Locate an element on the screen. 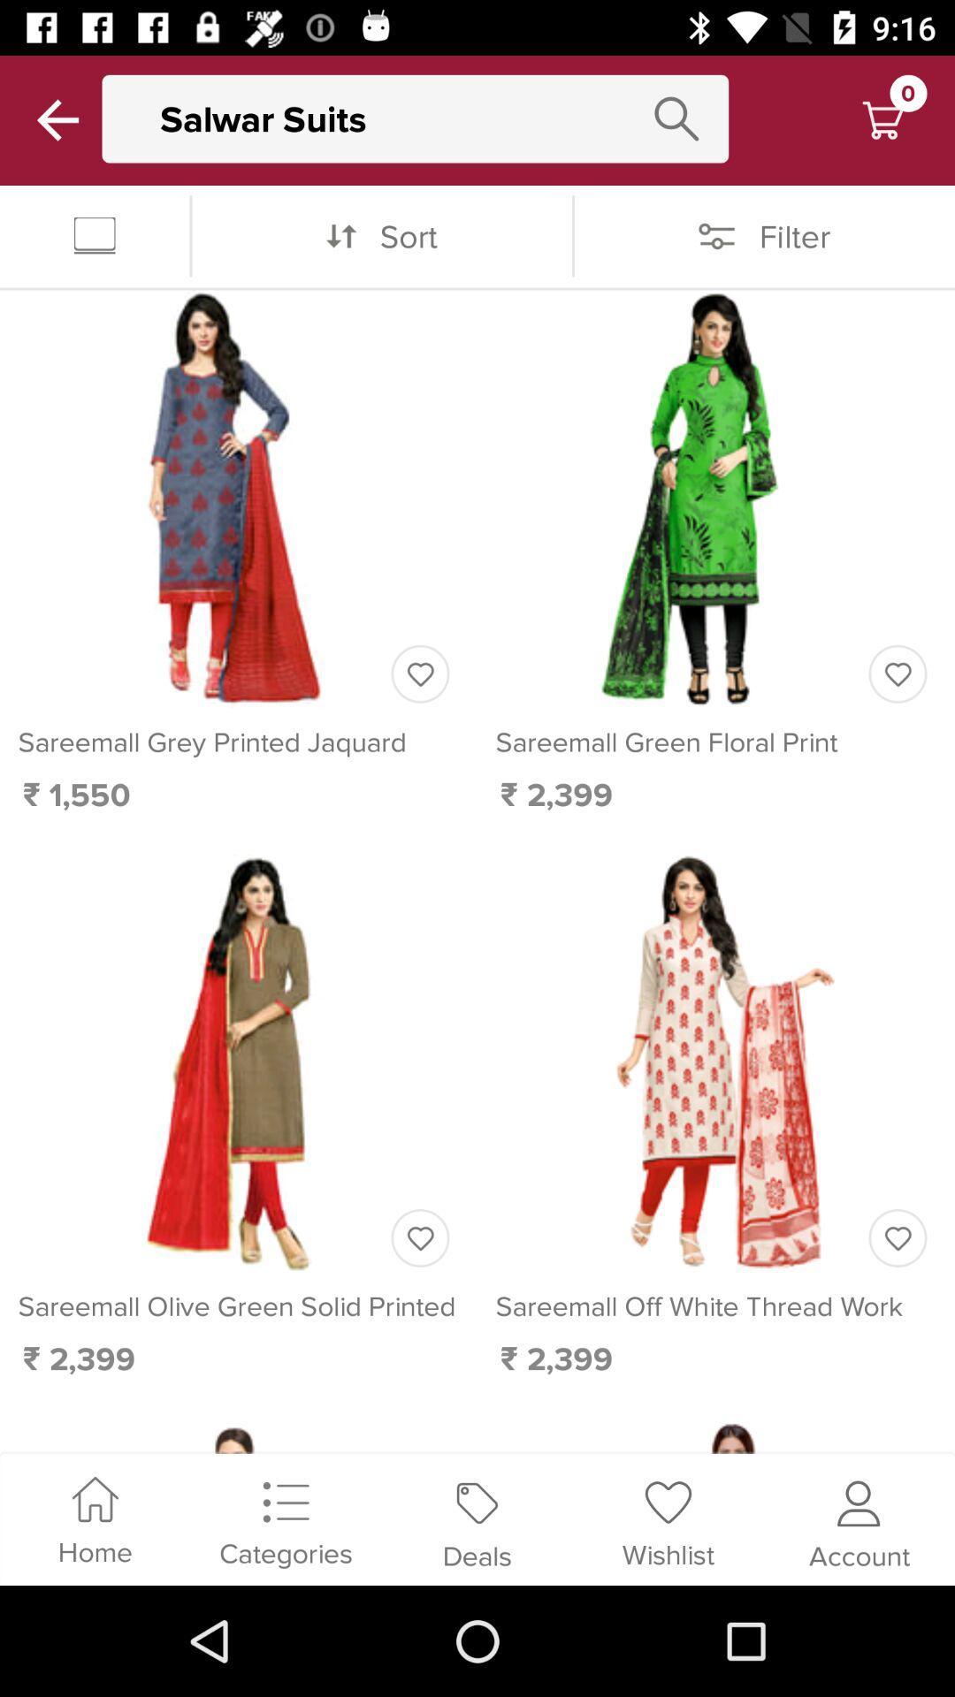 The width and height of the screenshot is (955, 1697). check items in your cart is located at coordinates (882, 119).